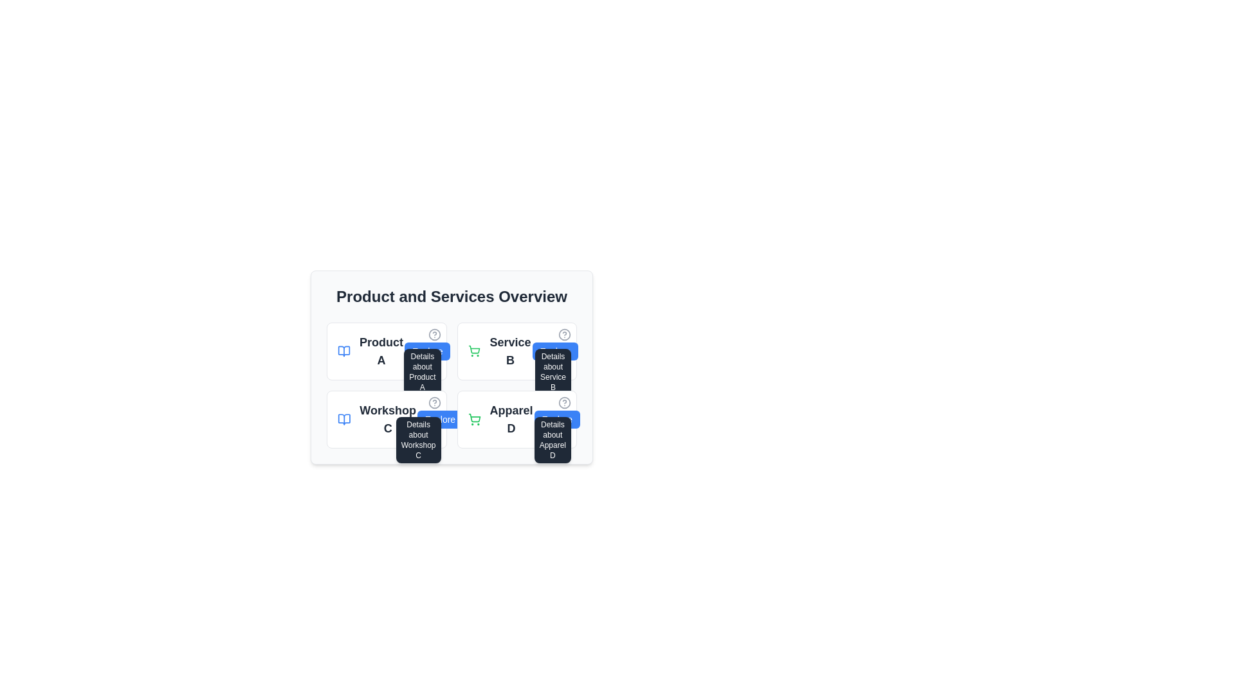 The width and height of the screenshot is (1235, 694). What do you see at coordinates (386, 351) in the screenshot?
I see `the accompanying icon of the product labeled 'Product A' located in the top-left corner of the grid in the 'Product and Services Overview' section` at bounding box center [386, 351].